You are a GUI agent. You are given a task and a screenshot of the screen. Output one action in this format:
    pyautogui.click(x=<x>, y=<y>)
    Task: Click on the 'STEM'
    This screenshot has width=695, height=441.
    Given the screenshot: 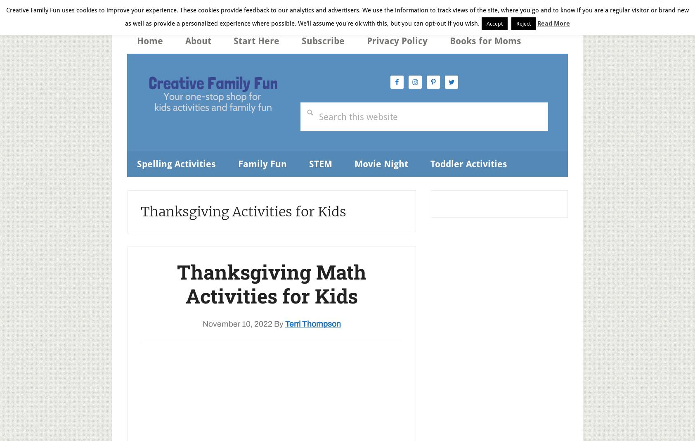 What is the action you would take?
    pyautogui.click(x=309, y=163)
    